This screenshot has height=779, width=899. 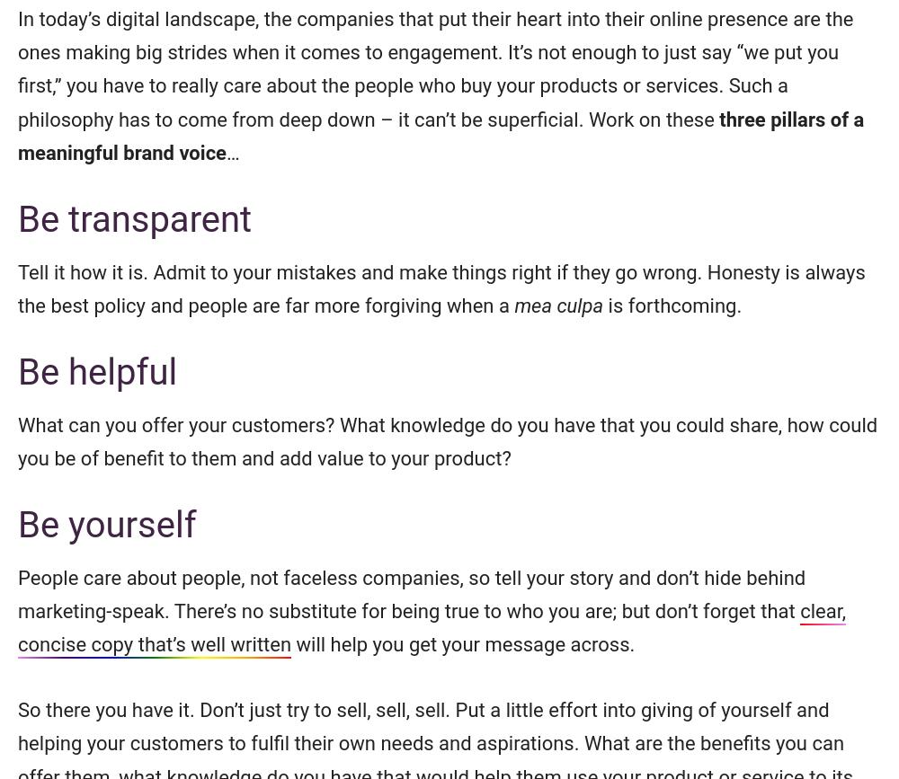 What do you see at coordinates (557, 305) in the screenshot?
I see `'mea culpa'` at bounding box center [557, 305].